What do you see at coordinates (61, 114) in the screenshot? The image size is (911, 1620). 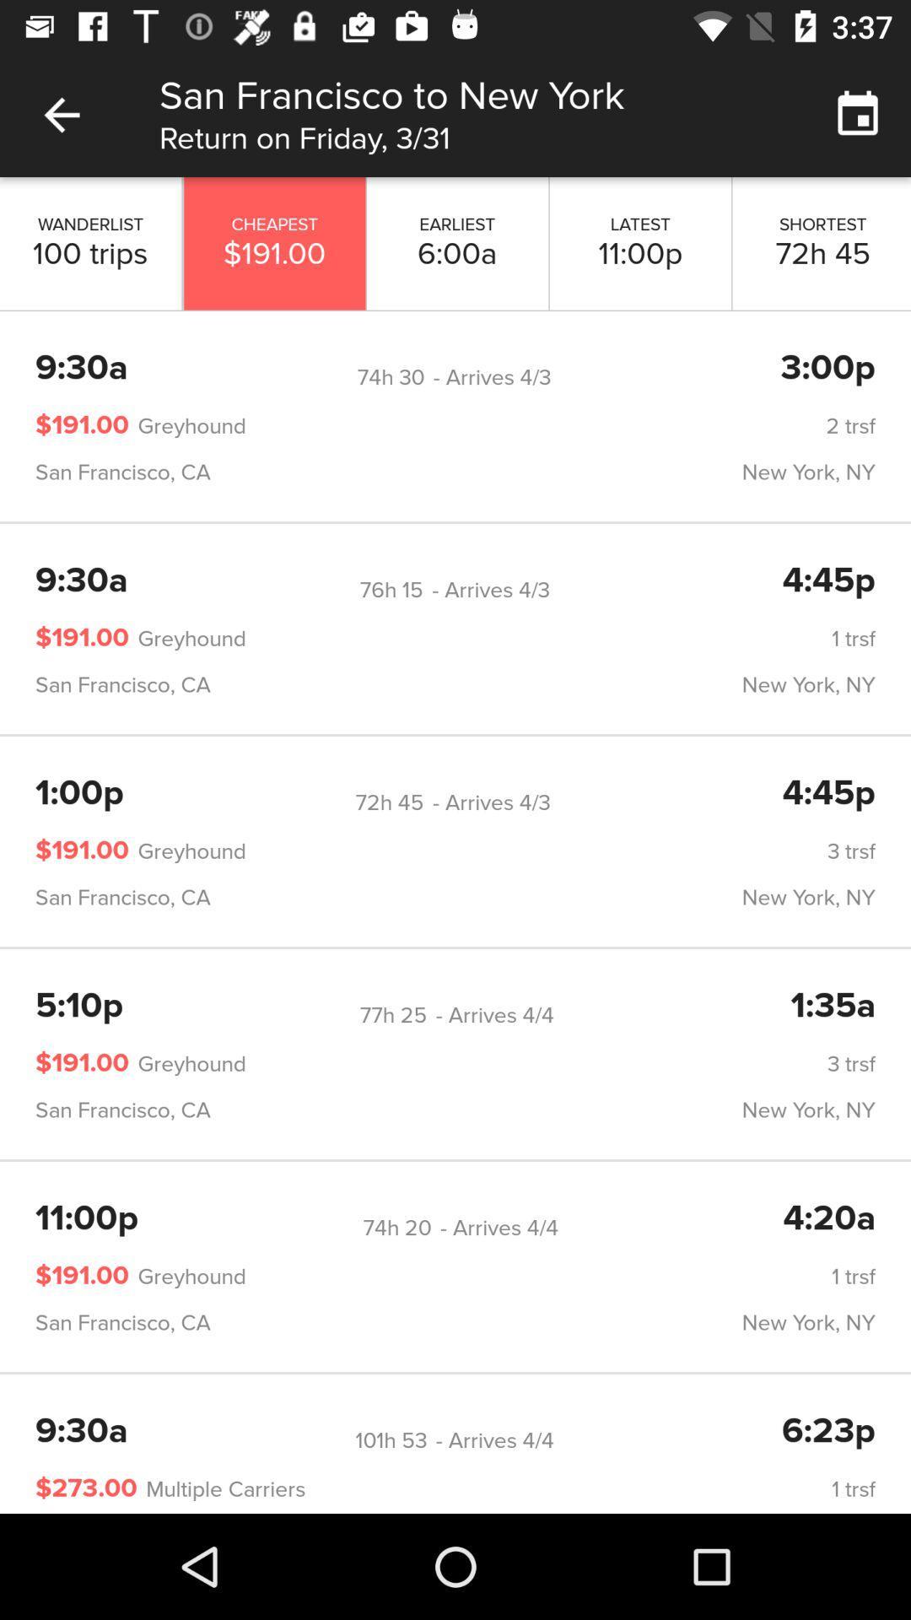 I see `go back` at bounding box center [61, 114].